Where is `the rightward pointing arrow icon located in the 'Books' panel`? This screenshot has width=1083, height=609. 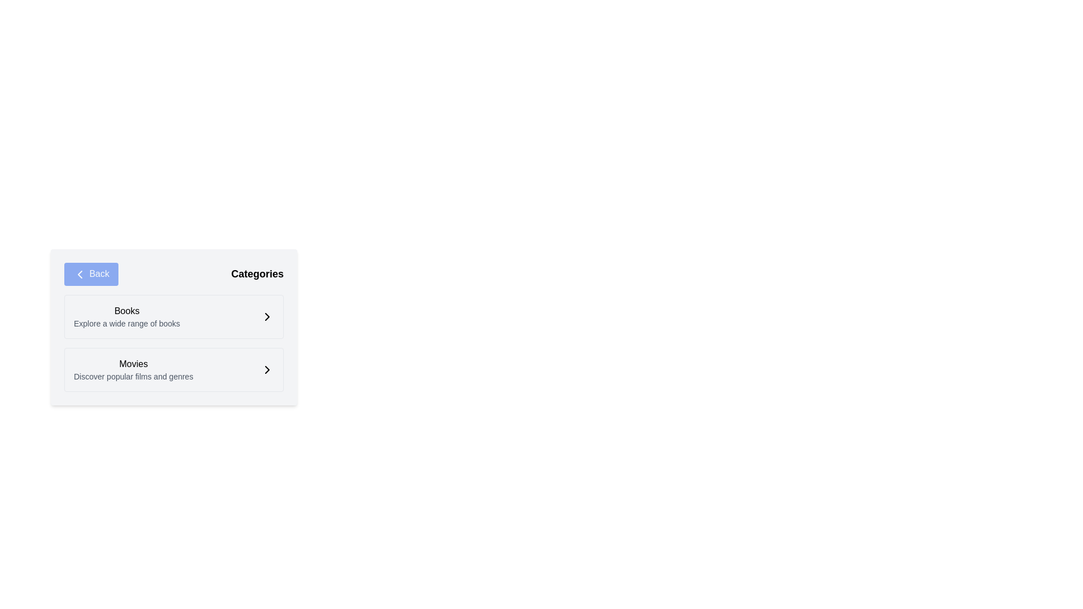
the rightward pointing arrow icon located in the 'Books' panel is located at coordinates (267, 316).